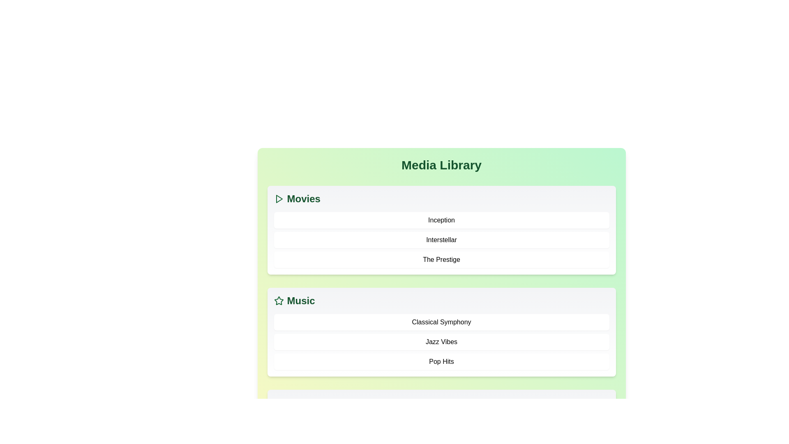  Describe the element at coordinates (441, 240) in the screenshot. I see `the movie Interstellar from the Movies category` at that location.